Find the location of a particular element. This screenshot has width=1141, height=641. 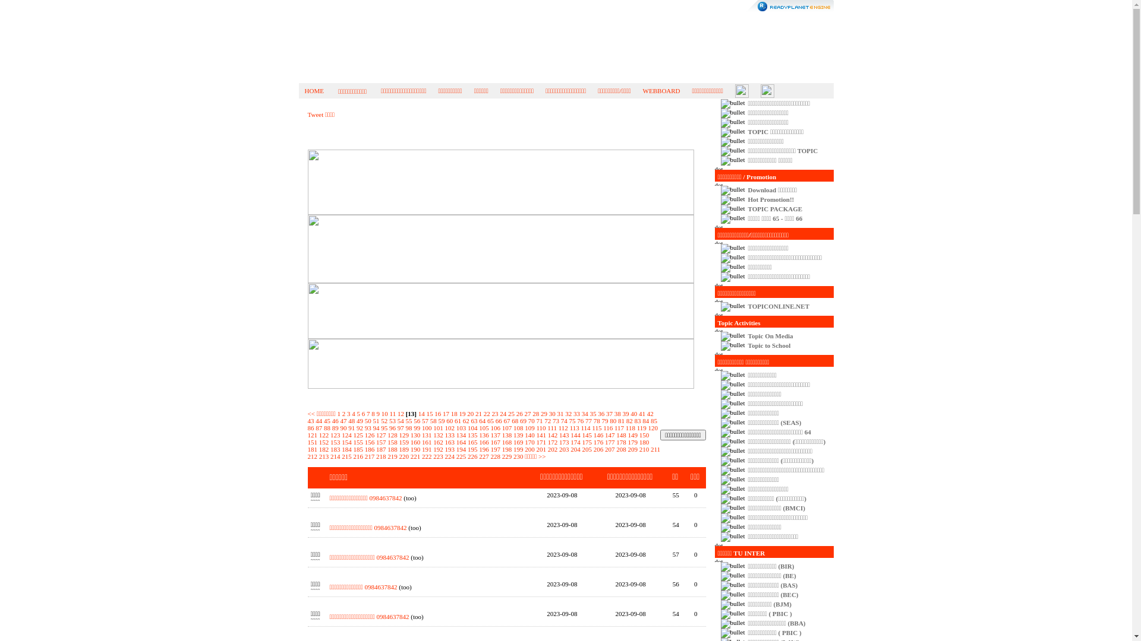

'216' is located at coordinates (357, 455).